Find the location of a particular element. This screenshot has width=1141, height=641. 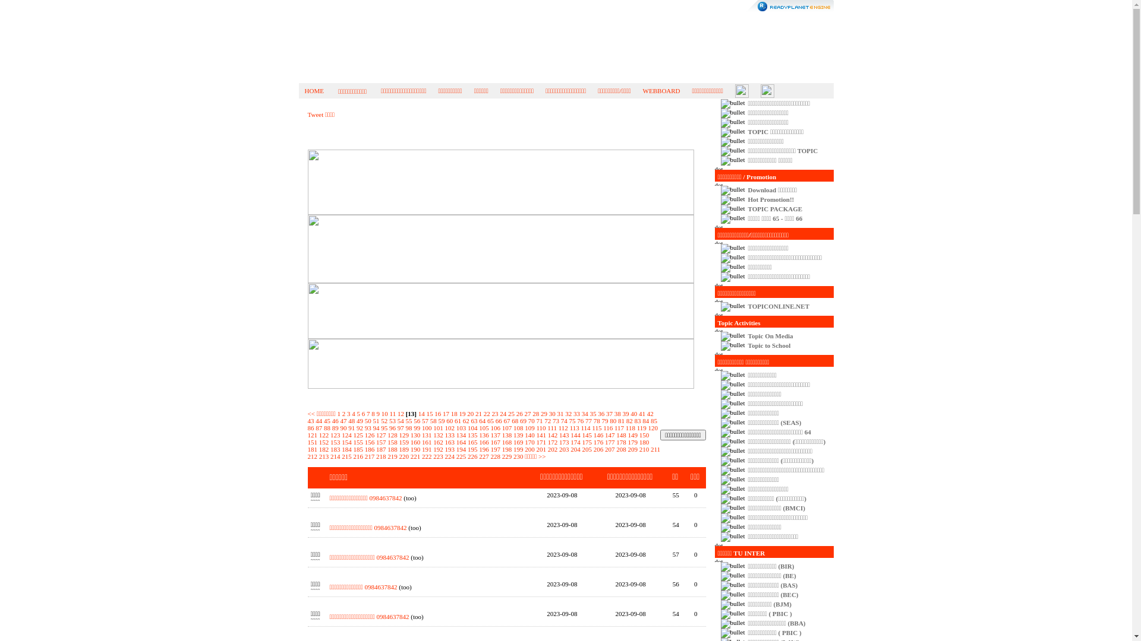

'216' is located at coordinates (357, 455).